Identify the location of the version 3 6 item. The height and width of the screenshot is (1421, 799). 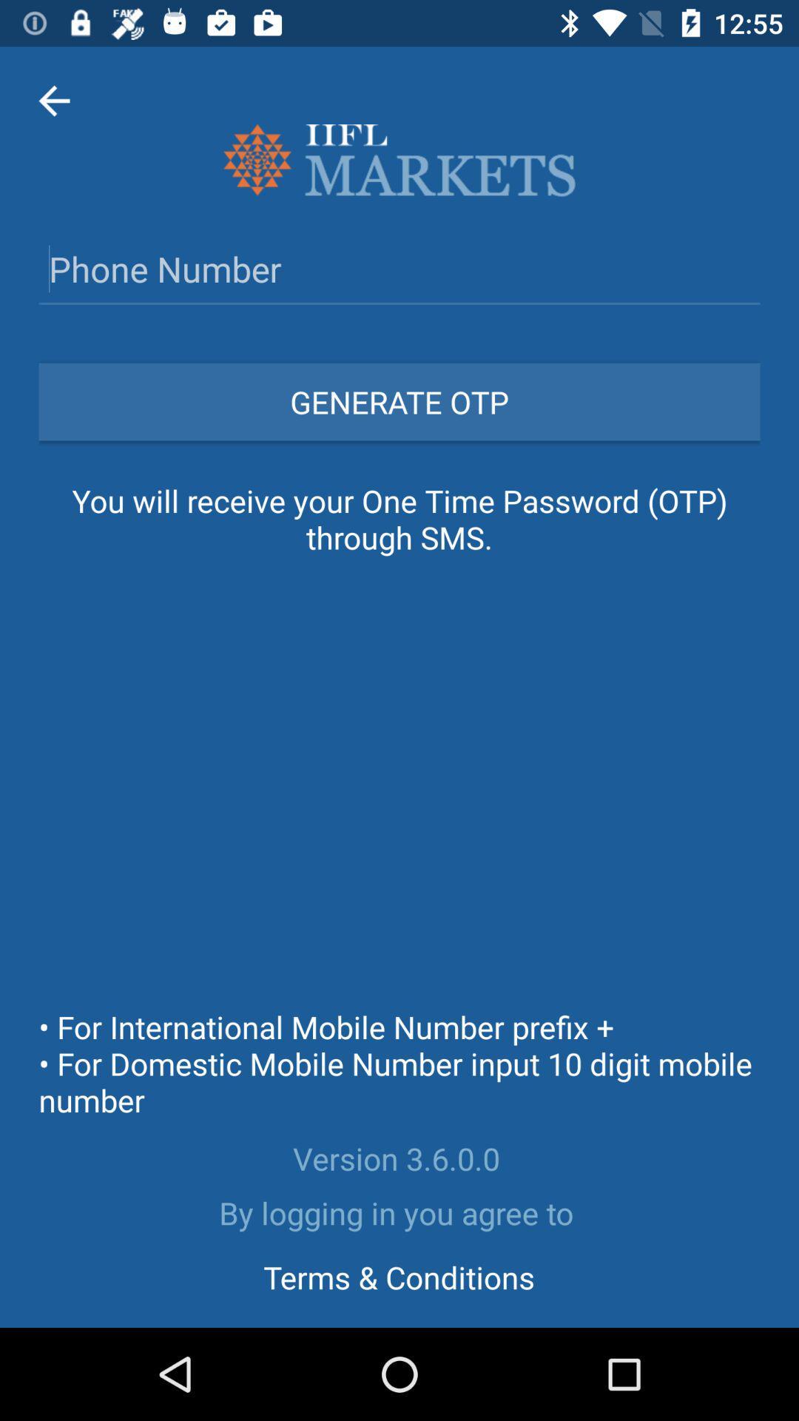
(399, 1158).